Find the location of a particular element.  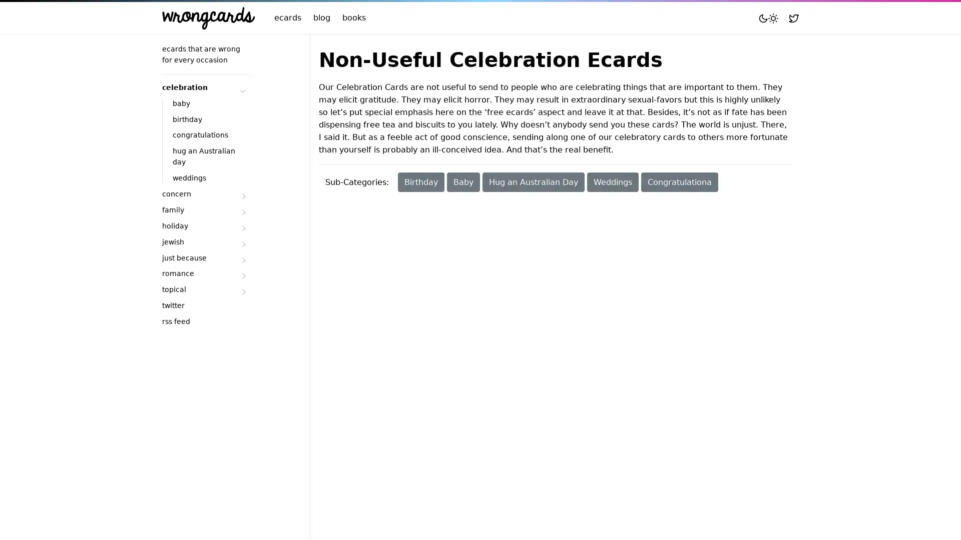

Sub-Categories: is located at coordinates (357, 182).